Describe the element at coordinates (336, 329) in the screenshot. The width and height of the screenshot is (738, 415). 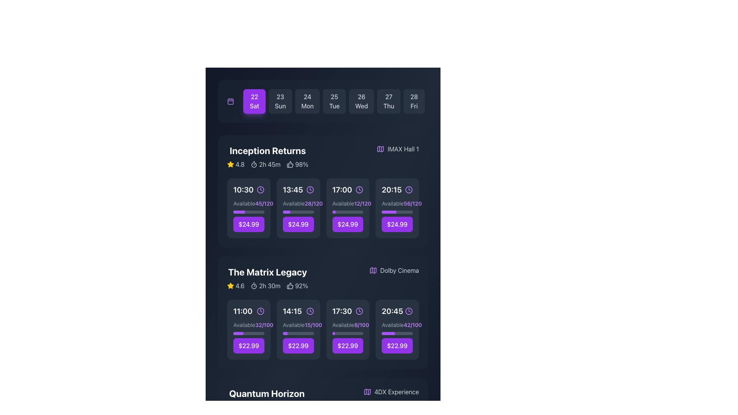
I see `the SVG icon styled as a sofa, which is the leftmost icon inside the button labeled 'Select Seats.'` at that location.